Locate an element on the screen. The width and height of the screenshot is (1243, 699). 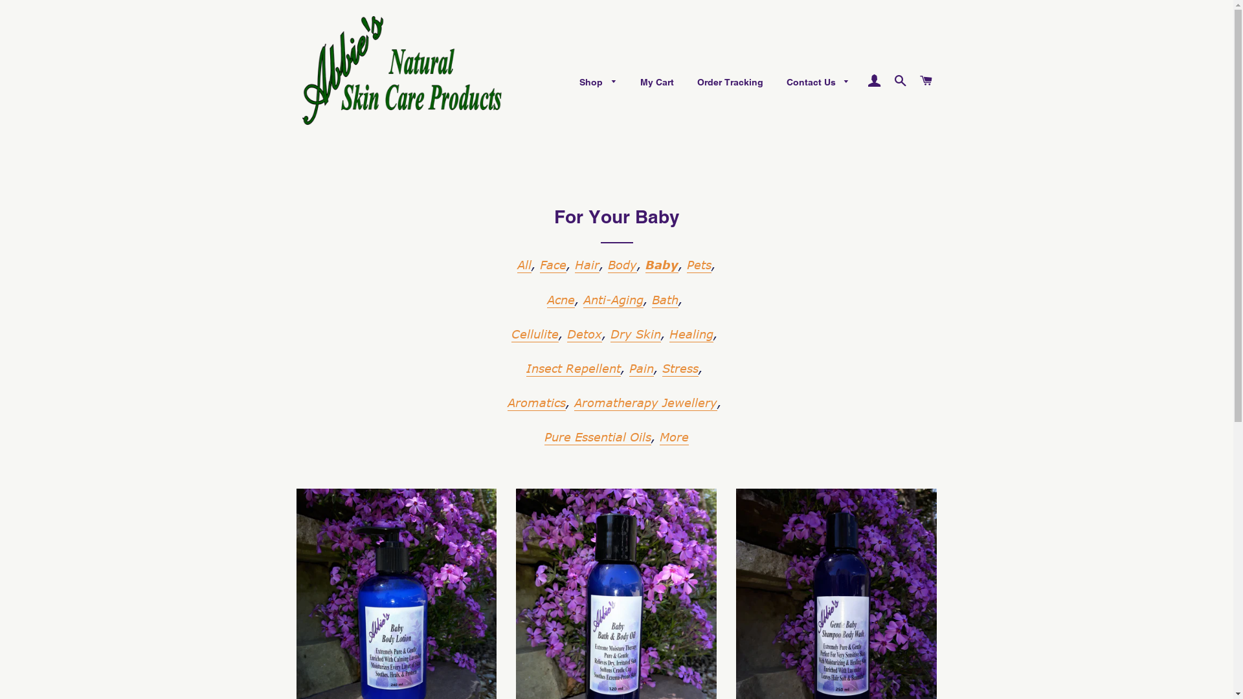
'Order Tracking' is located at coordinates (730, 82).